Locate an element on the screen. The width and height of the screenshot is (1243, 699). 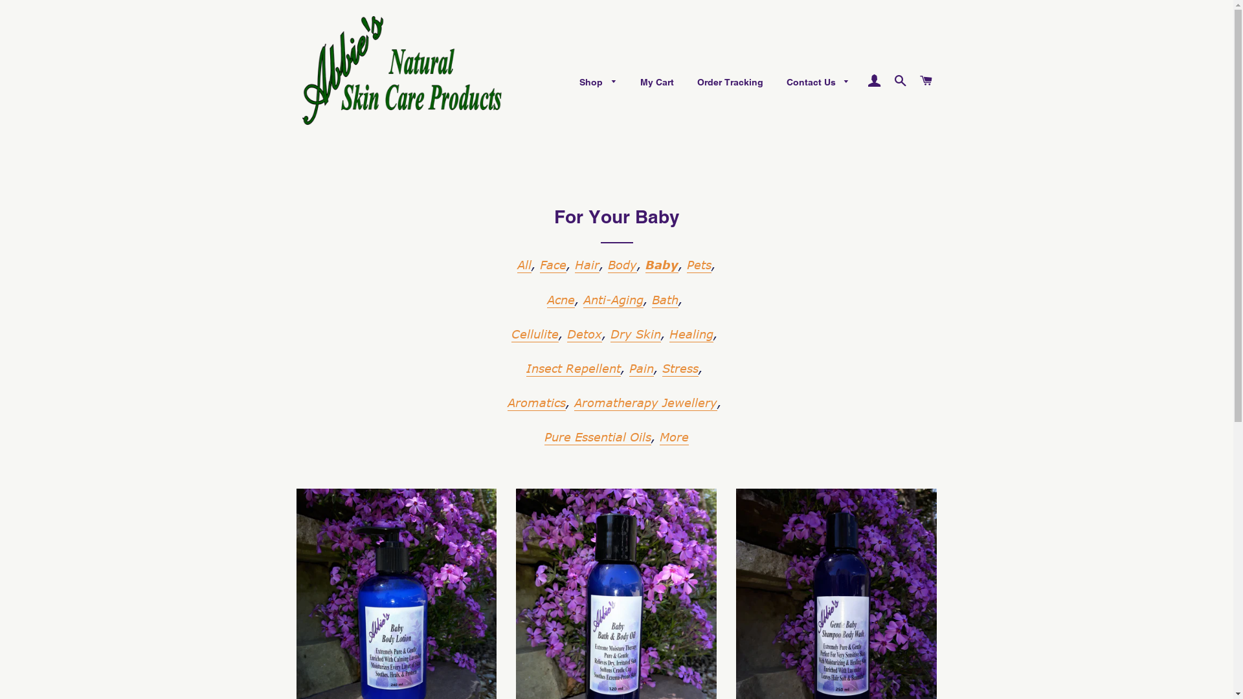
'Order Tracking' is located at coordinates (730, 82).